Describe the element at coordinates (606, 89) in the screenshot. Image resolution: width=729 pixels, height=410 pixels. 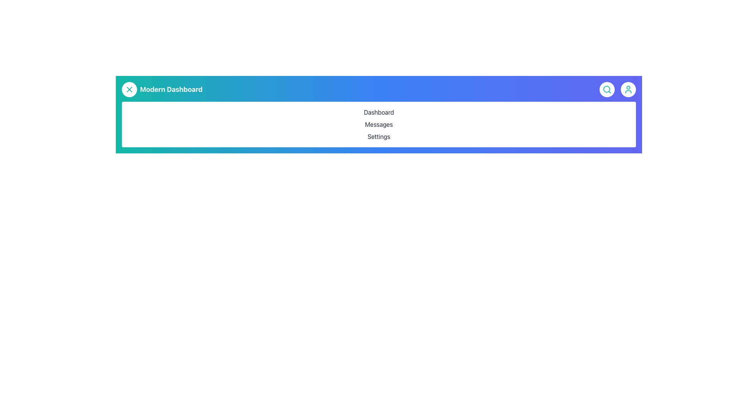
I see `the inner circular part of the magnifying glass icon, which is a Circle element with a radius of 8px within an SVG graphic` at that location.